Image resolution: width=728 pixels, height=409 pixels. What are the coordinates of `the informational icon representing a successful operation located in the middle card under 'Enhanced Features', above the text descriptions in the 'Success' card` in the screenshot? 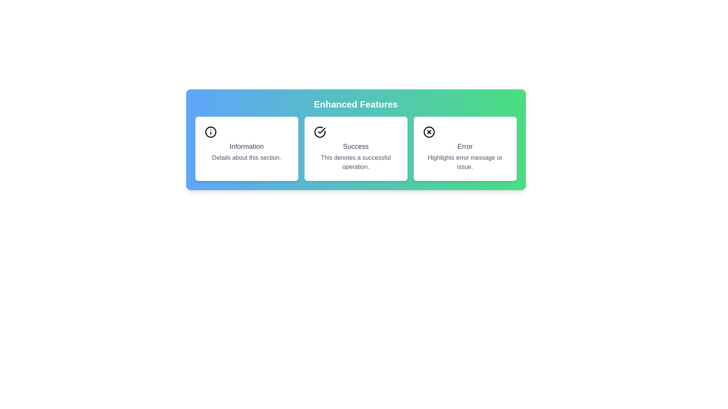 It's located at (320, 131).